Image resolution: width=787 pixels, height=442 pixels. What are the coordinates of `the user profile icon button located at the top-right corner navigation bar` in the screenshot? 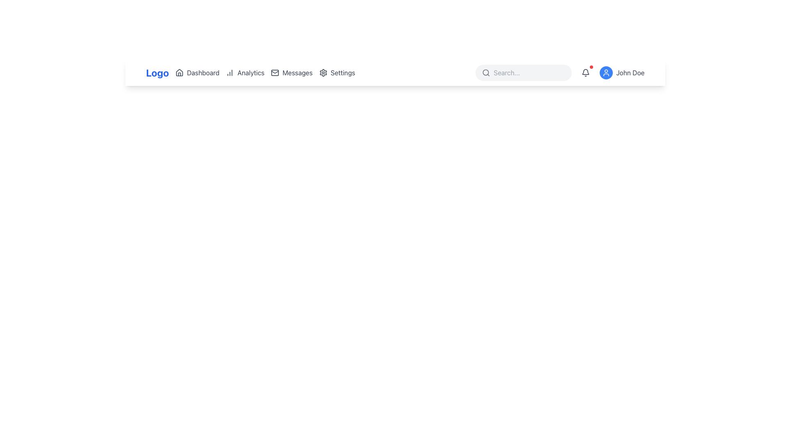 It's located at (606, 72).